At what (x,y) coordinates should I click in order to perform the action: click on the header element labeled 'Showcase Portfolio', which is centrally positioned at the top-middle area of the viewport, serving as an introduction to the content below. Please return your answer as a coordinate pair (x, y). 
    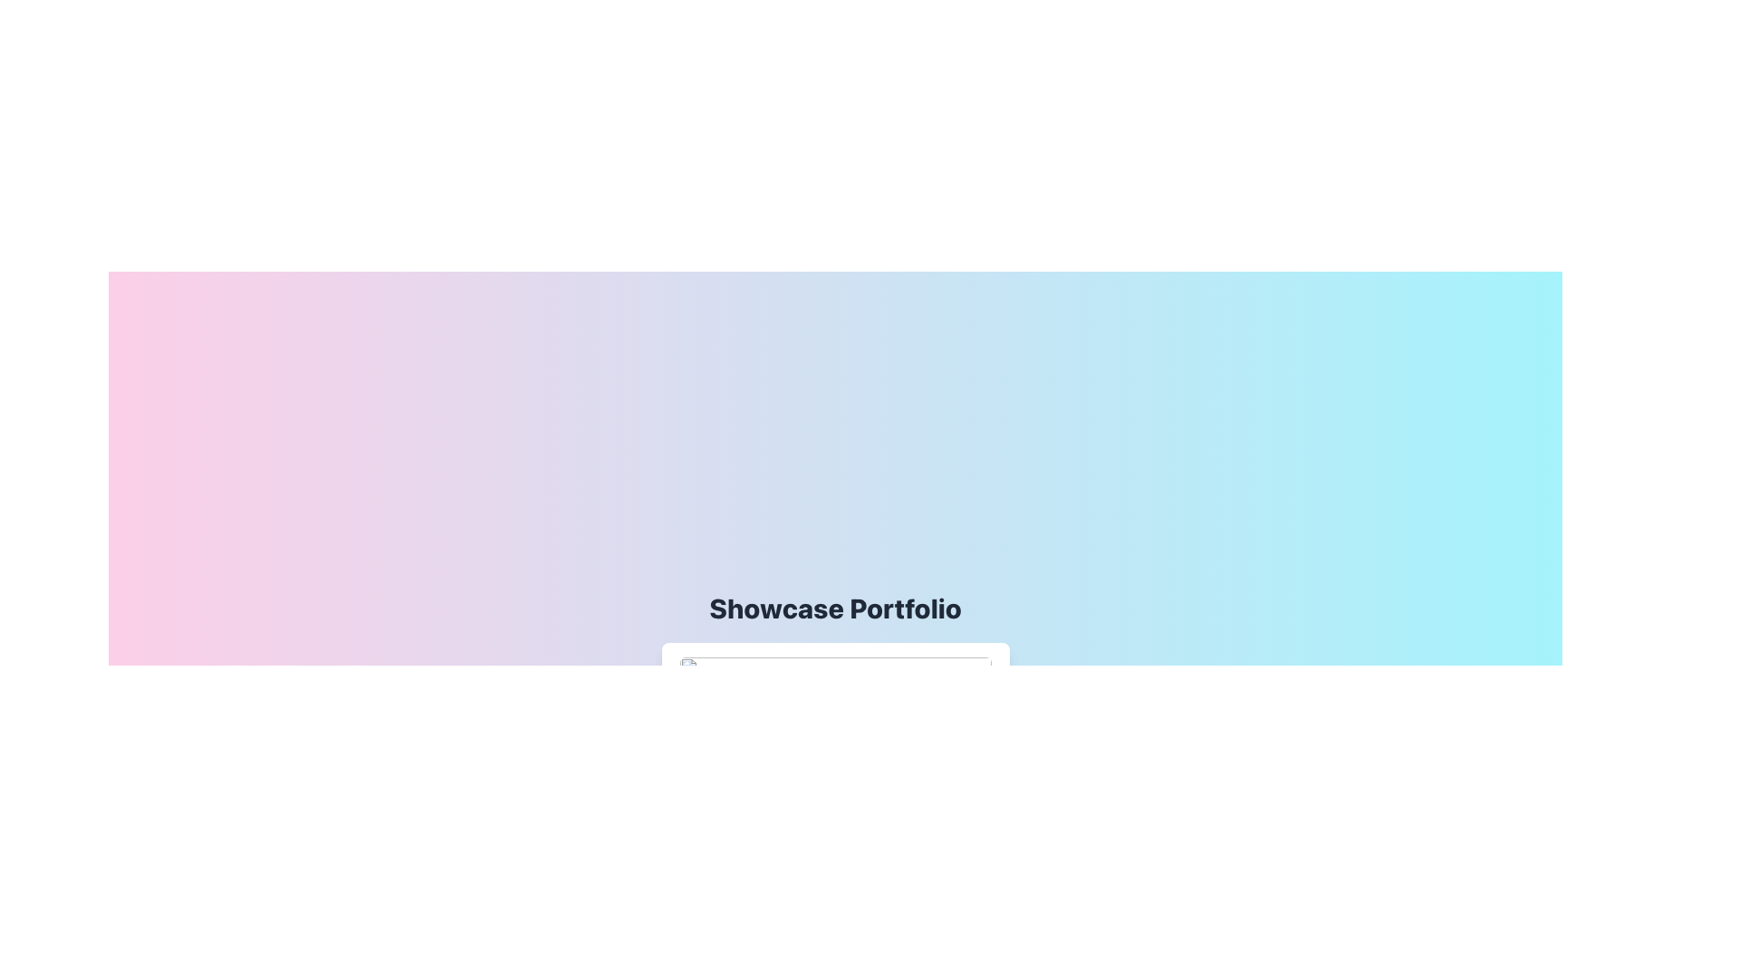
    Looking at the image, I should click on (834, 608).